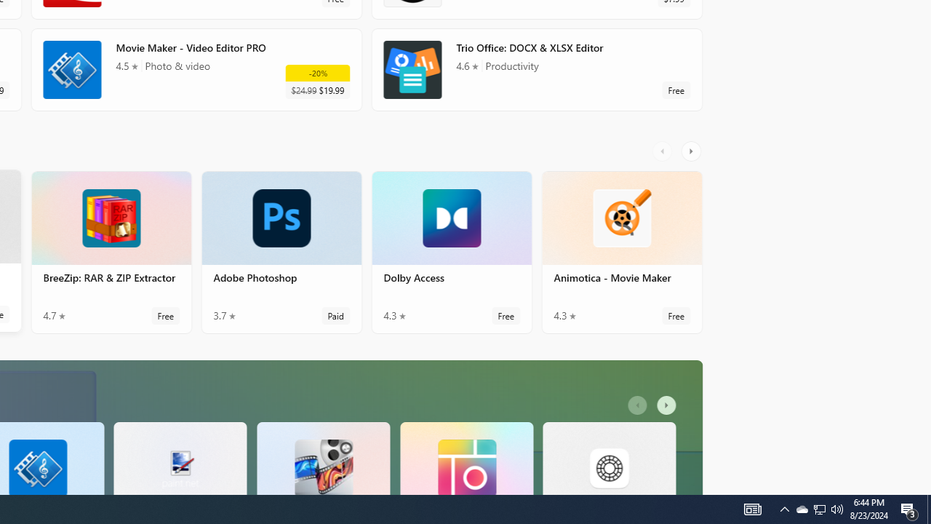  I want to click on 'Vertical Large Increase', so click(924, 297).